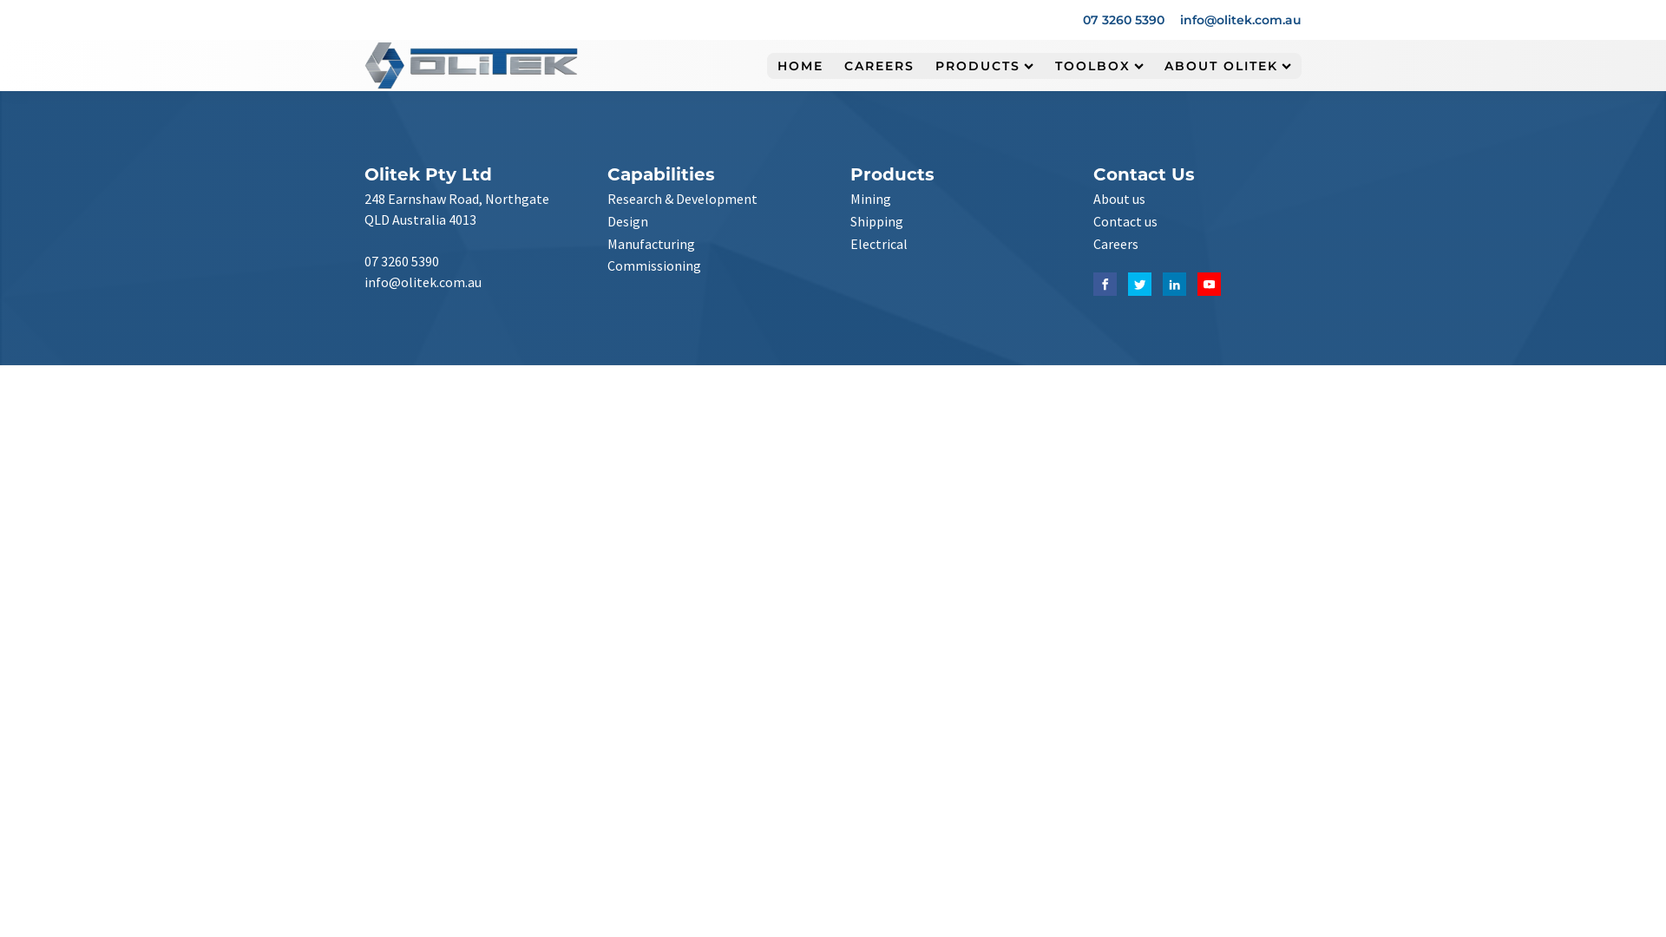 The image size is (1666, 937). I want to click on 'Commissioning', so click(653, 266).